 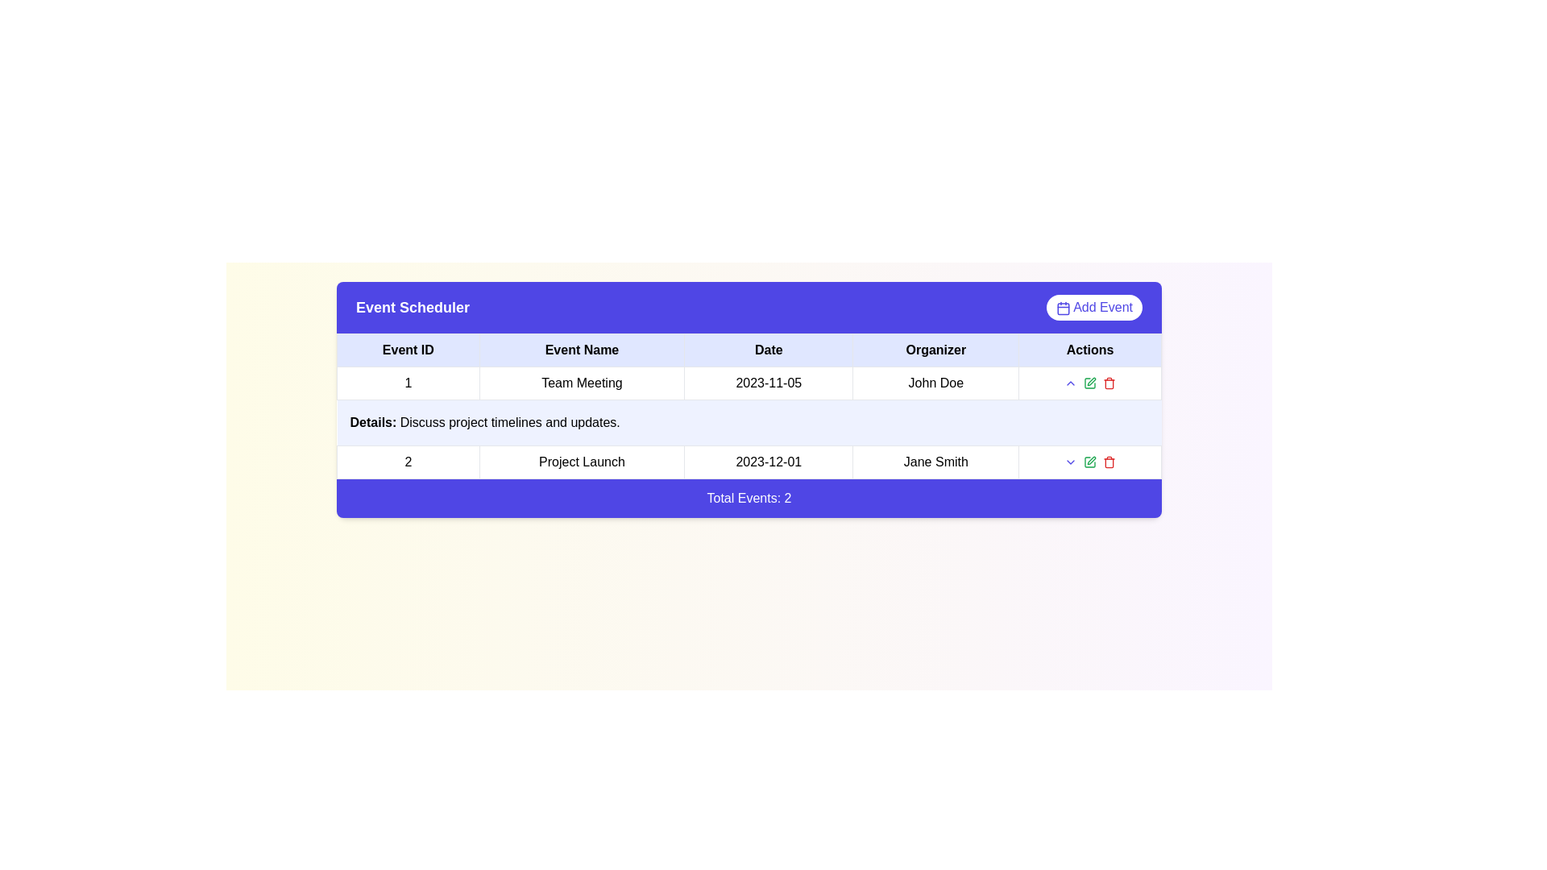 I want to click on the icons in the action set located in the 'Actions' column of the second row of the 'Event Scheduler' table, so click(x=1090, y=462).